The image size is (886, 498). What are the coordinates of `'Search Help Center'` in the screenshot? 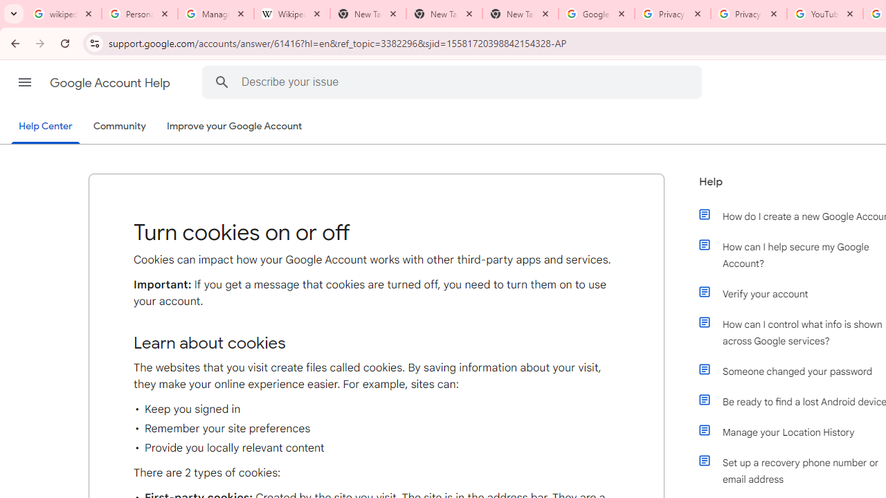 It's located at (221, 82).